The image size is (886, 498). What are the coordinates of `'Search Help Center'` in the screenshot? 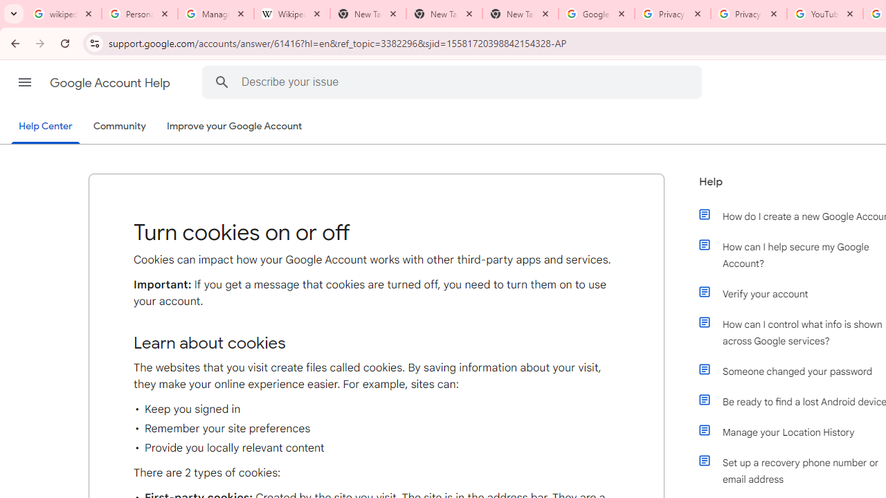 It's located at (221, 82).